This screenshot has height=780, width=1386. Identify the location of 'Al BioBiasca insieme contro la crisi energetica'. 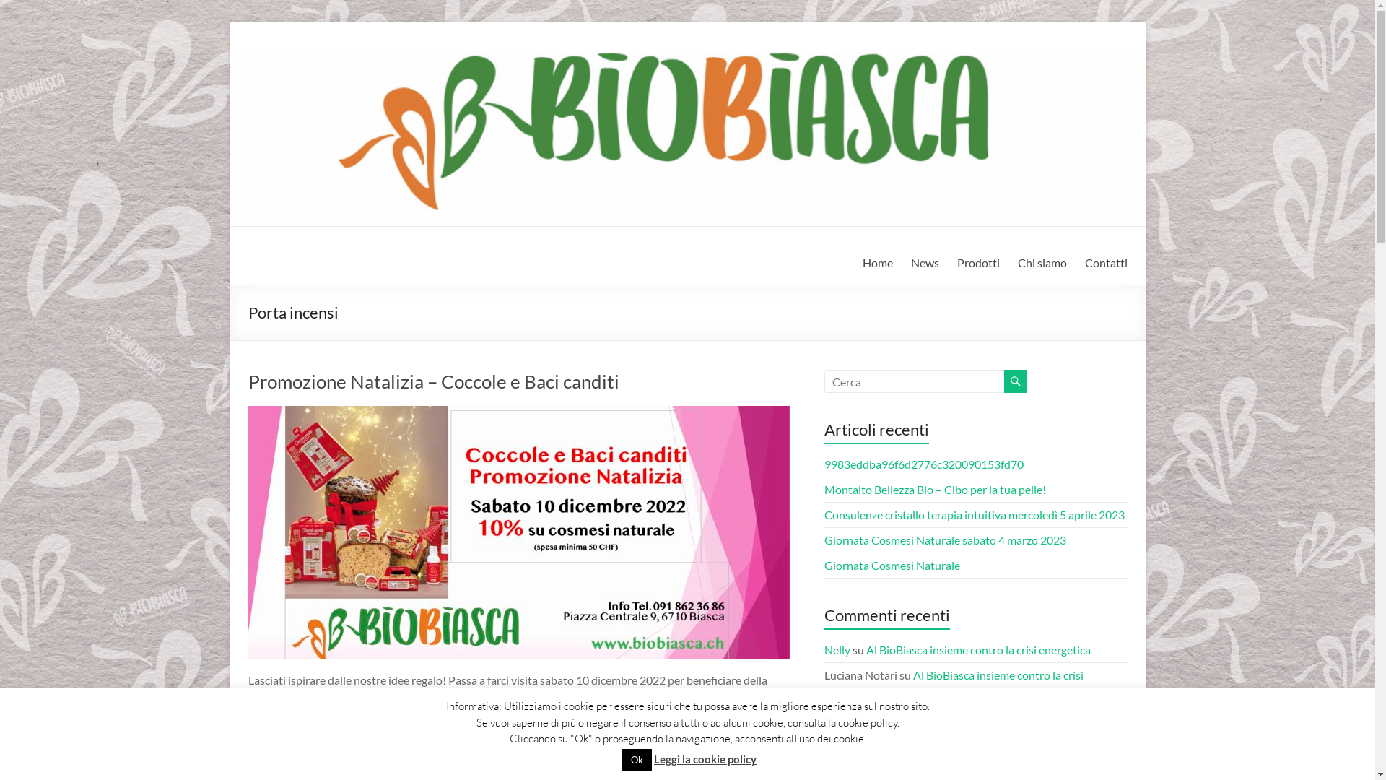
(954, 682).